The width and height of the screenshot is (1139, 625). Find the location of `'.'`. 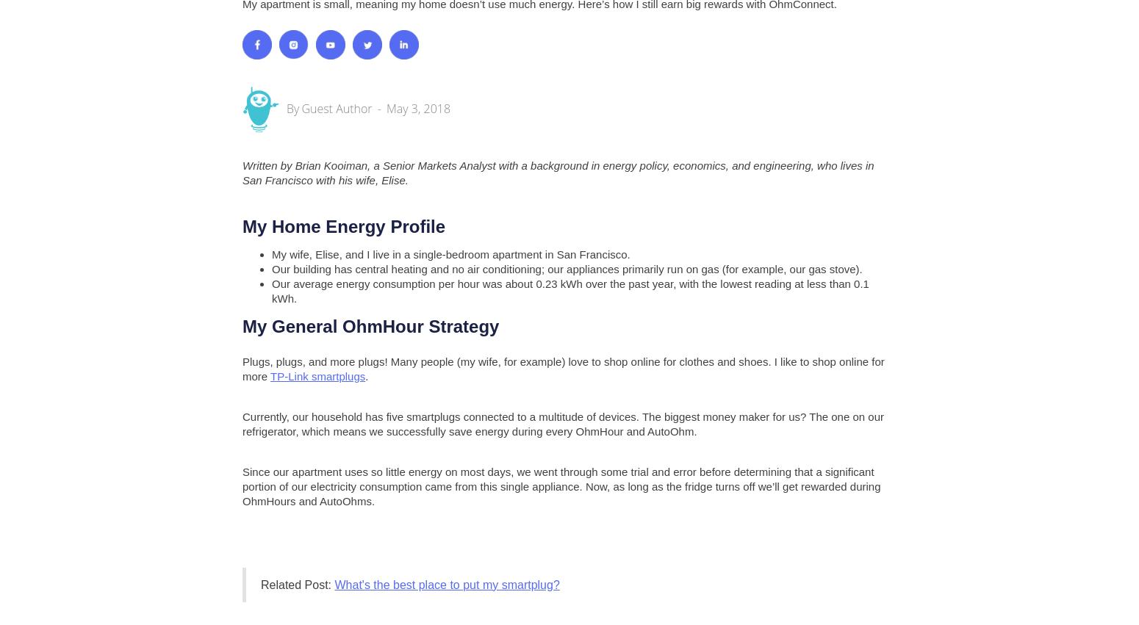

'.' is located at coordinates (365, 375).